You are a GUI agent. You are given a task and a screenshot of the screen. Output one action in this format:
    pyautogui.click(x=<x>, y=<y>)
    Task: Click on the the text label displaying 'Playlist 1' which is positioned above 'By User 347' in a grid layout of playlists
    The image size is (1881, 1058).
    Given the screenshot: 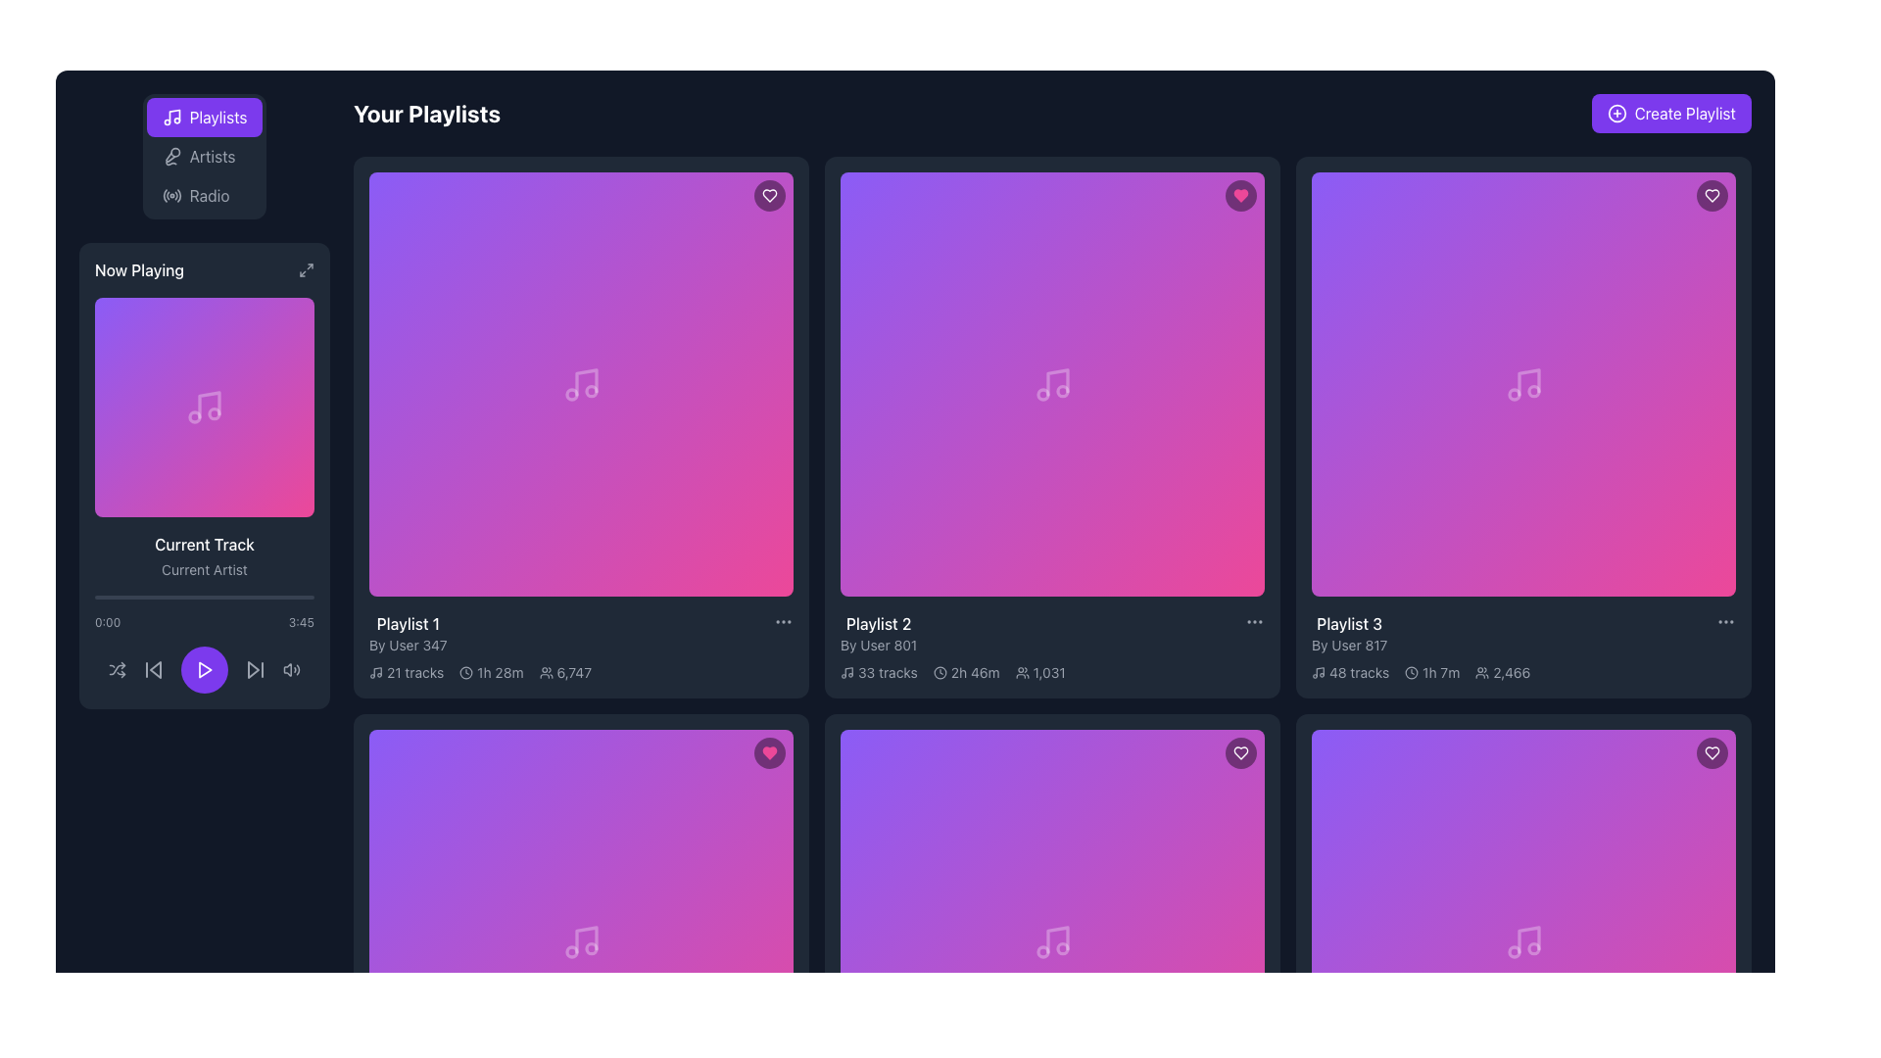 What is the action you would take?
    pyautogui.click(x=407, y=623)
    